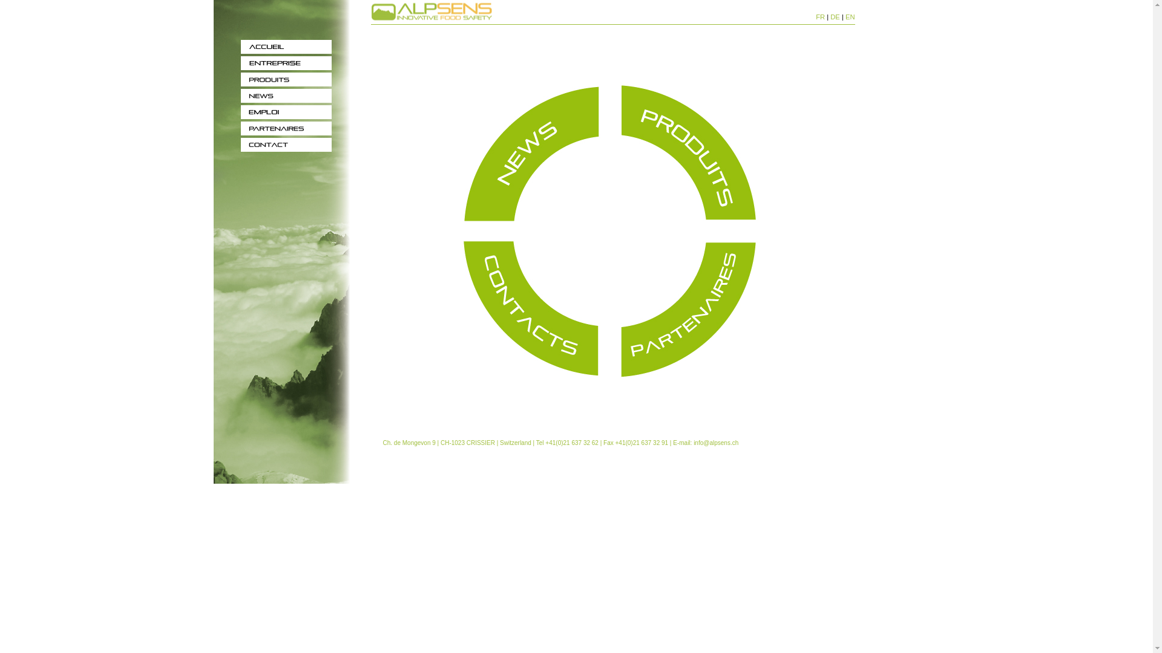 This screenshot has width=1162, height=653. What do you see at coordinates (835, 16) in the screenshot?
I see `'DE'` at bounding box center [835, 16].